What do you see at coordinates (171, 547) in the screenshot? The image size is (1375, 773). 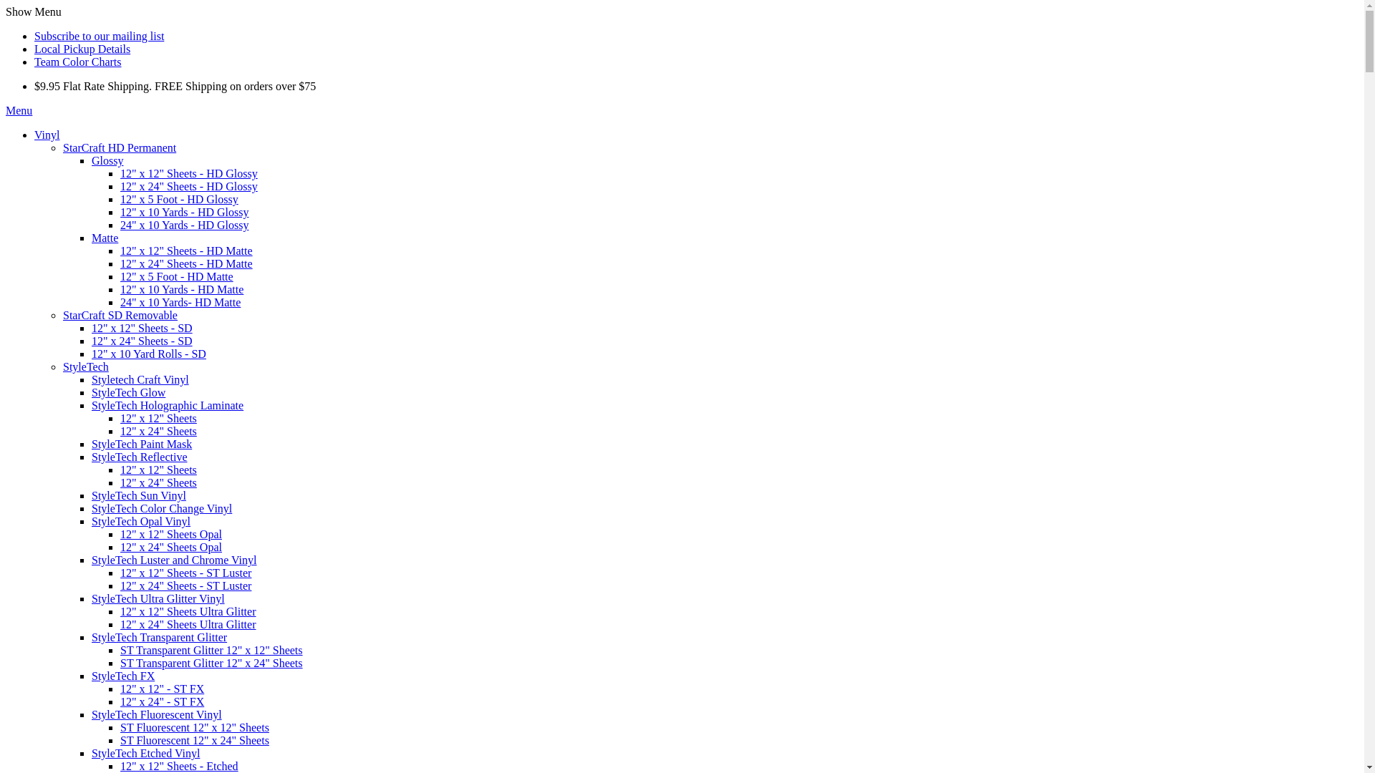 I see `'12" x 24" Sheets Opal'` at bounding box center [171, 547].